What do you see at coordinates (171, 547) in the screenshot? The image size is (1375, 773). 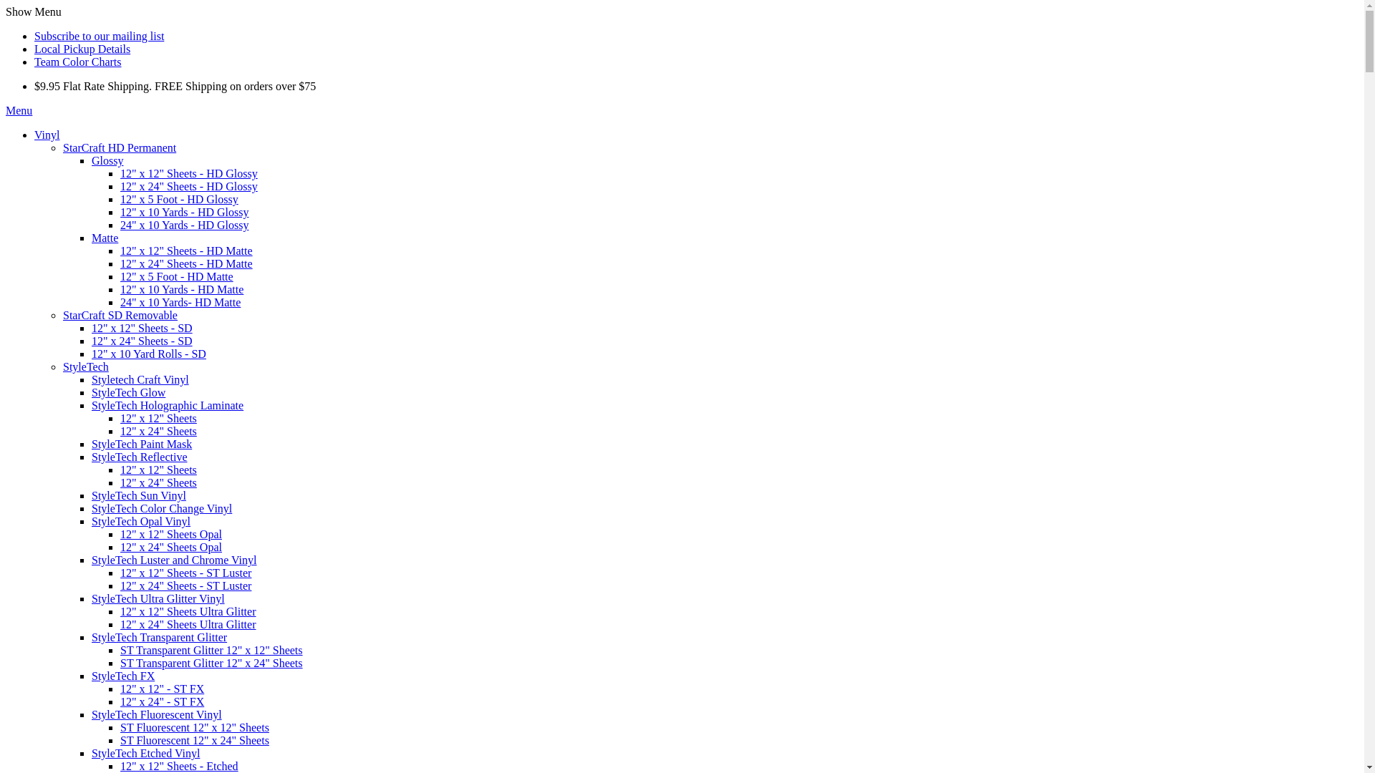 I see `'12" x 24" Sheets Opal'` at bounding box center [171, 547].